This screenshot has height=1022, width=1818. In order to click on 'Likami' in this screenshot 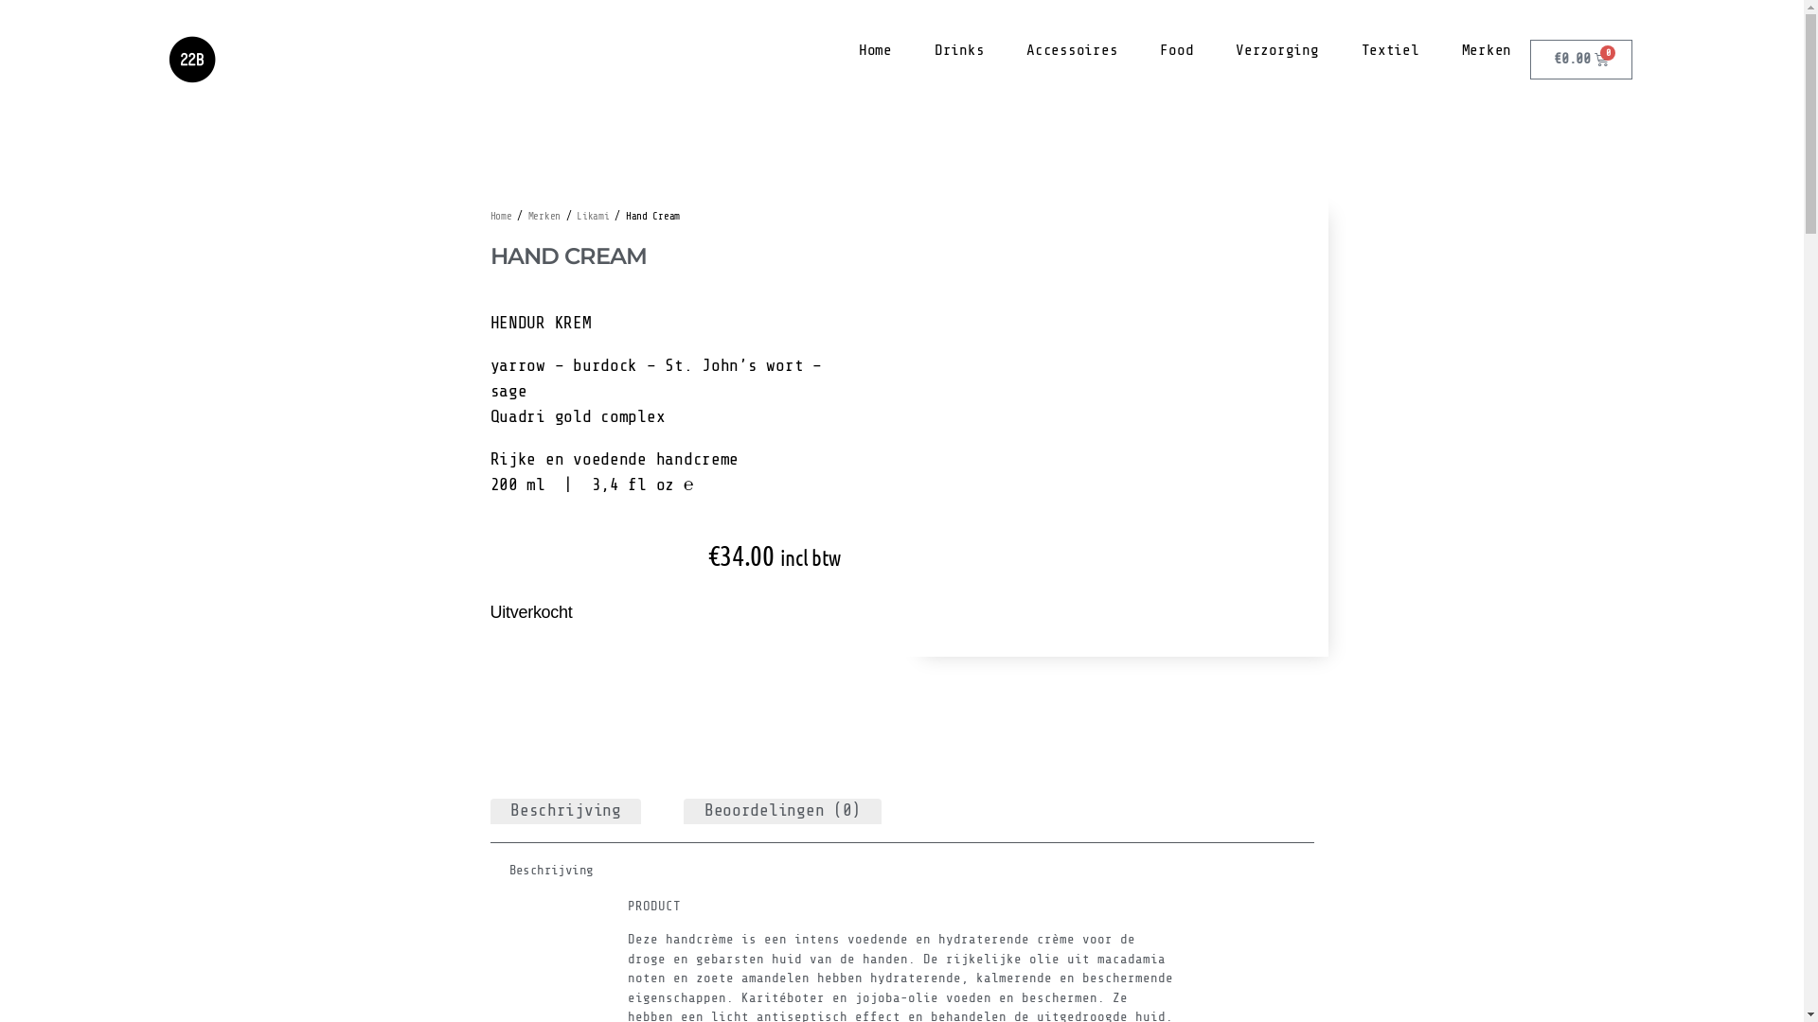, I will do `click(591, 215)`.